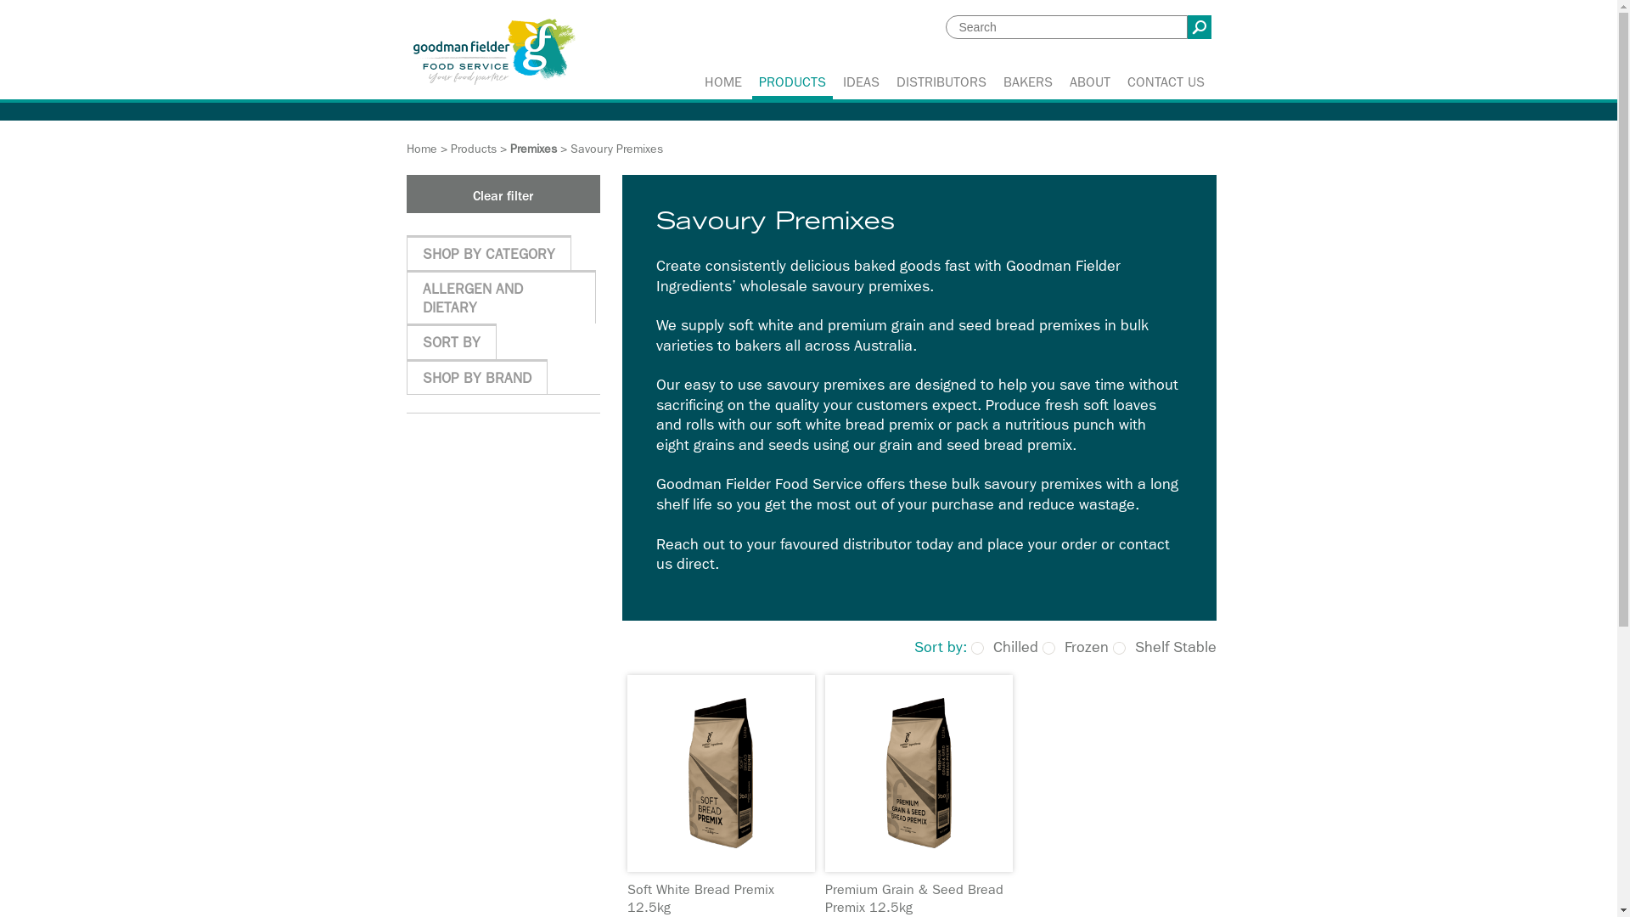  Describe the element at coordinates (860, 82) in the screenshot. I see `'IDEAS'` at that location.